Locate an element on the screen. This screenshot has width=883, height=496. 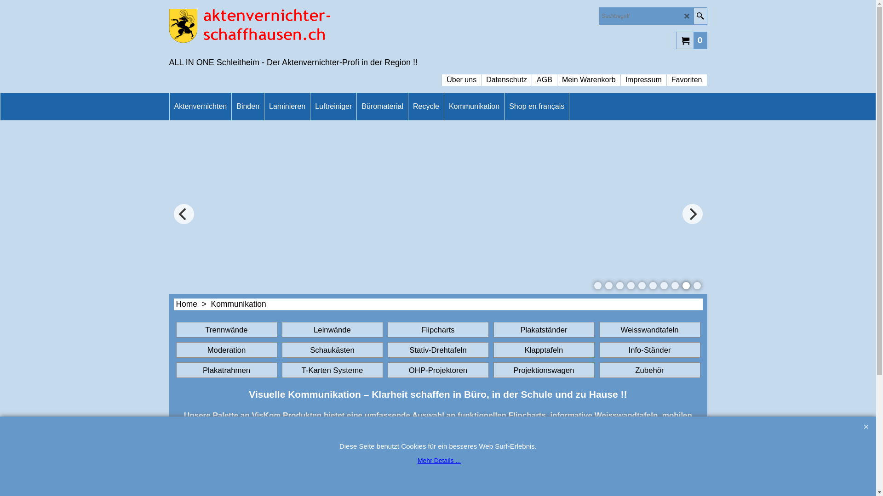
'0' is located at coordinates (692, 39).